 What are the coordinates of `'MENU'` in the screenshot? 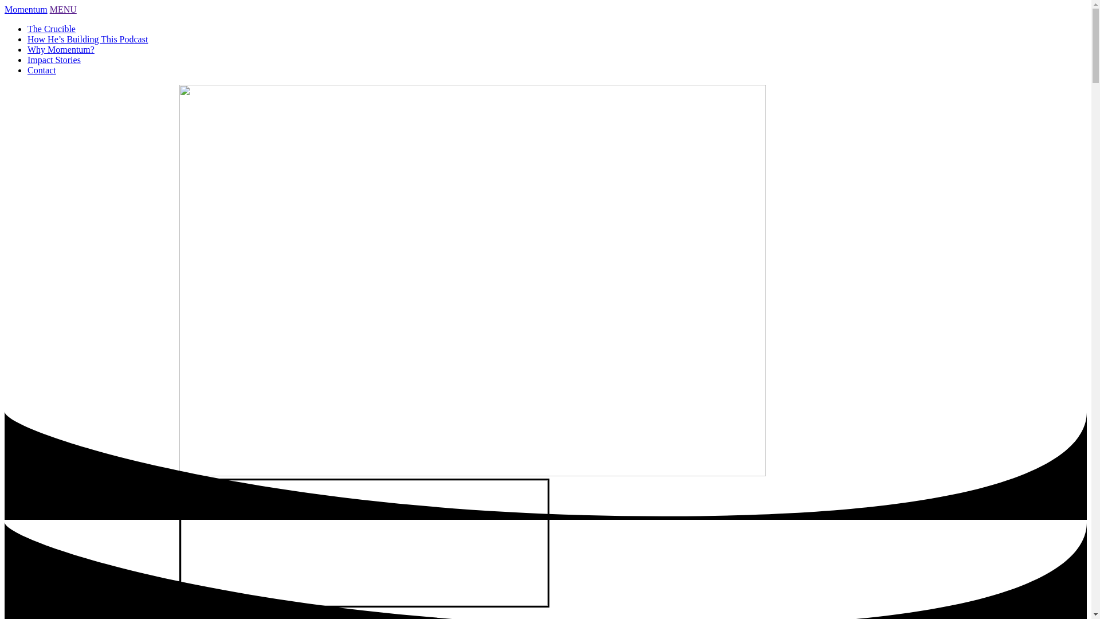 It's located at (62, 9).